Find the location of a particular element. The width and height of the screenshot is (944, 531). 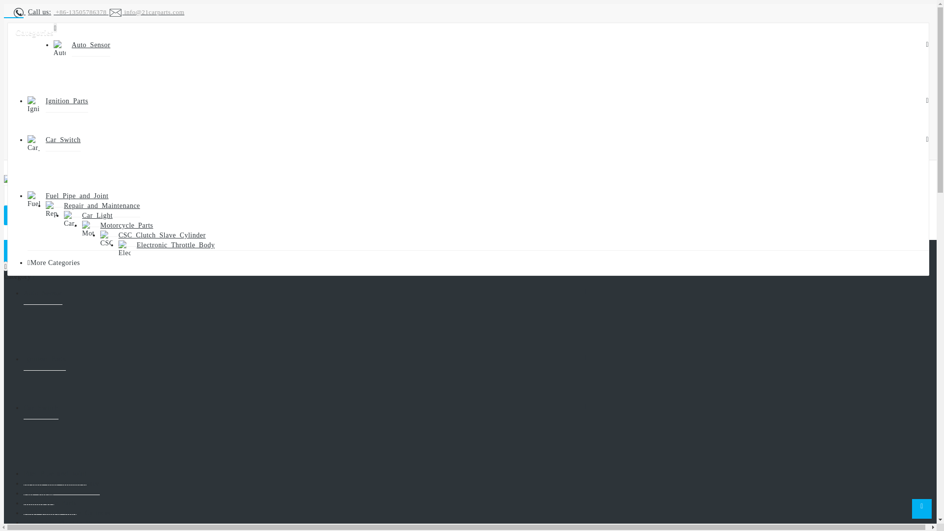

'$ US Dollar' is located at coordinates (73, 92).